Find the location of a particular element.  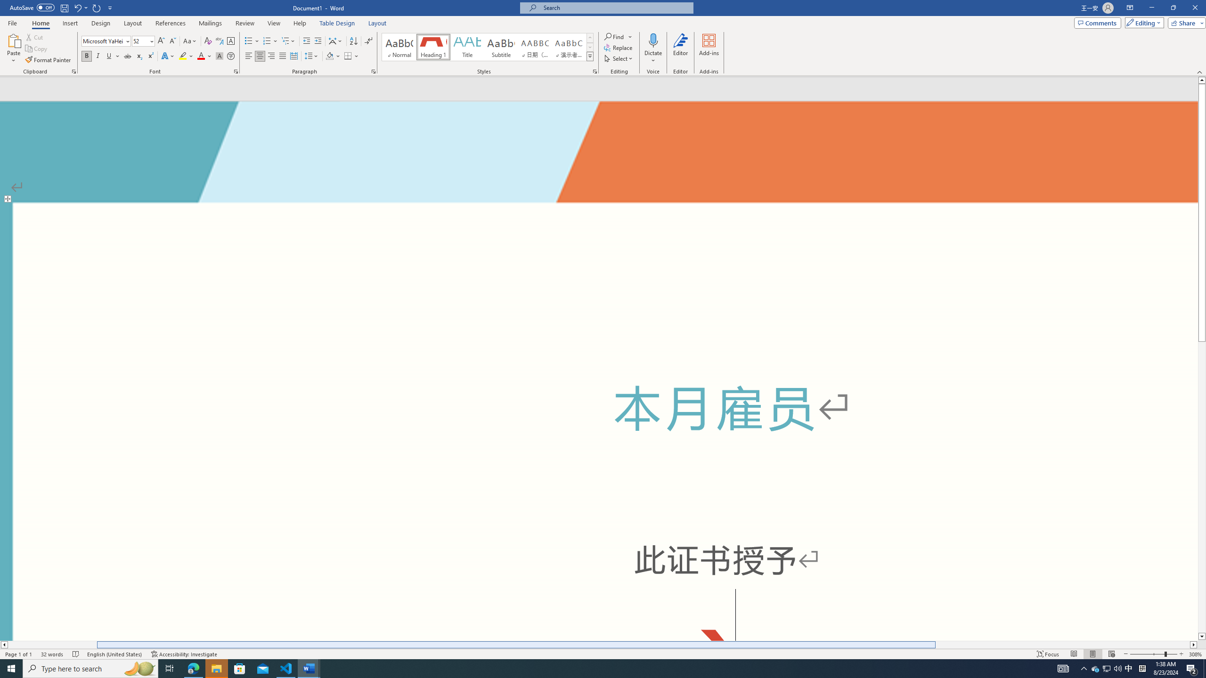

'Asian Layout' is located at coordinates (335, 41).